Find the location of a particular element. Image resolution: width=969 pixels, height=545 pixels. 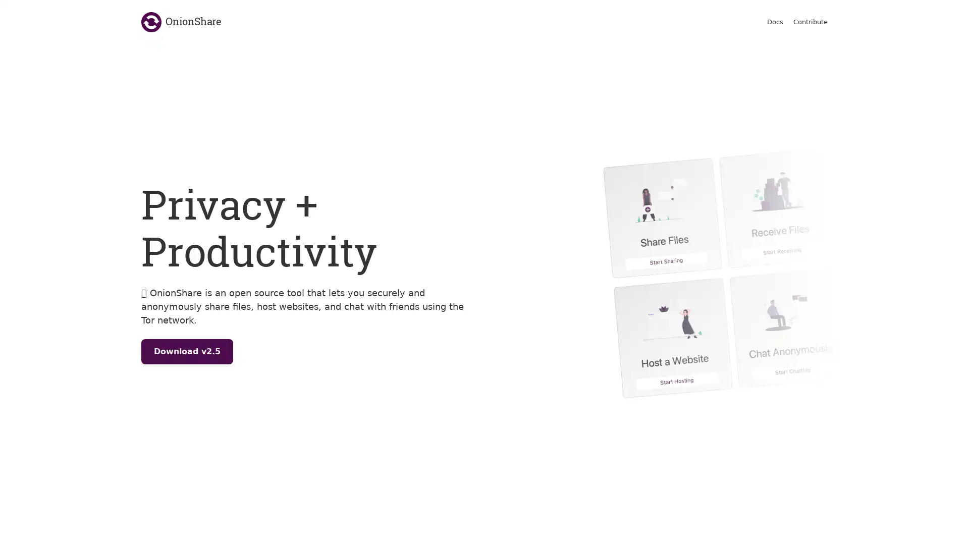

Download v2.5 is located at coordinates (187, 351).